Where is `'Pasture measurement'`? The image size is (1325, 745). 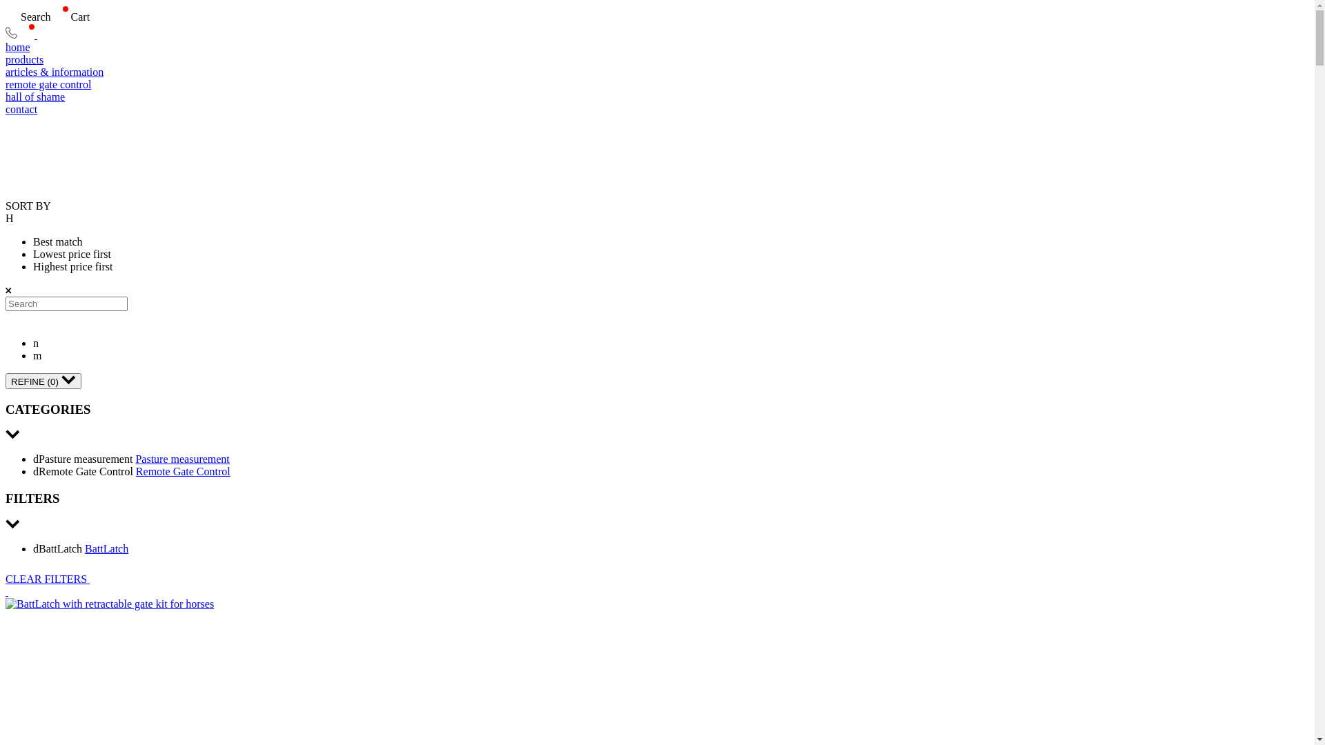
'Pasture measurement' is located at coordinates (181, 459).